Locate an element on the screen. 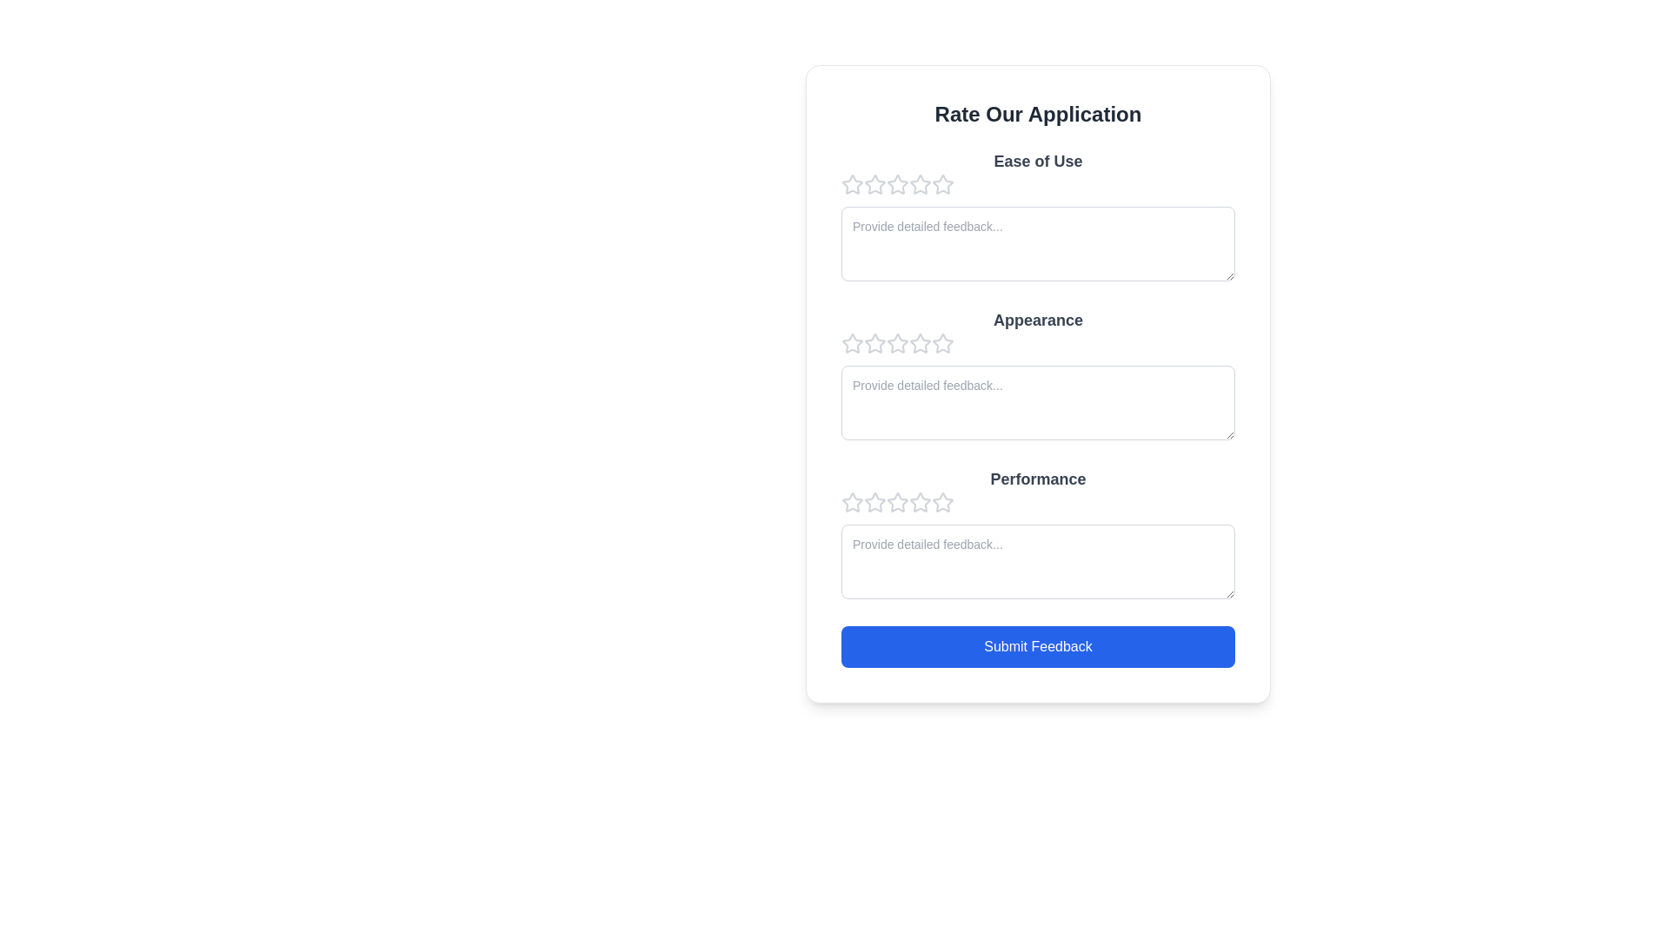 The image size is (1669, 938). the first hollow star in the 5-star rating component under the 'Performance' section is located at coordinates (852, 502).